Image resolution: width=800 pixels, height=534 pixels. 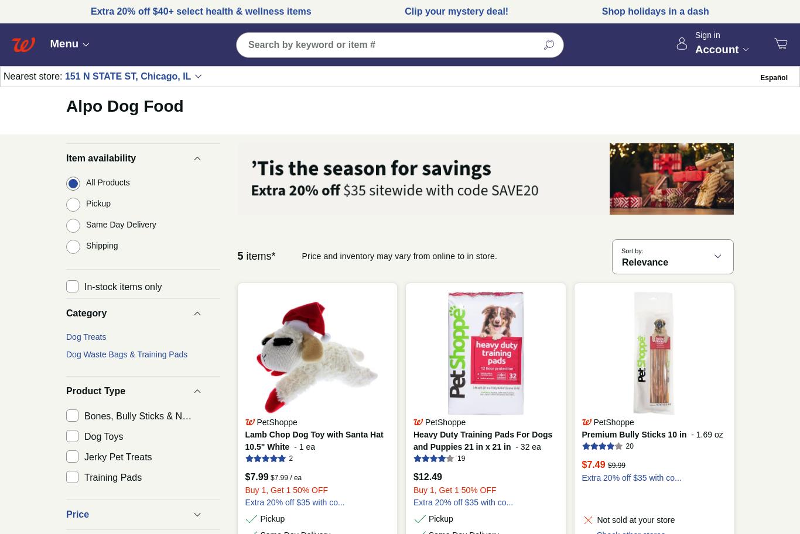 What do you see at coordinates (654, 11) in the screenshot?
I see `'Shop holidays in a dash'` at bounding box center [654, 11].